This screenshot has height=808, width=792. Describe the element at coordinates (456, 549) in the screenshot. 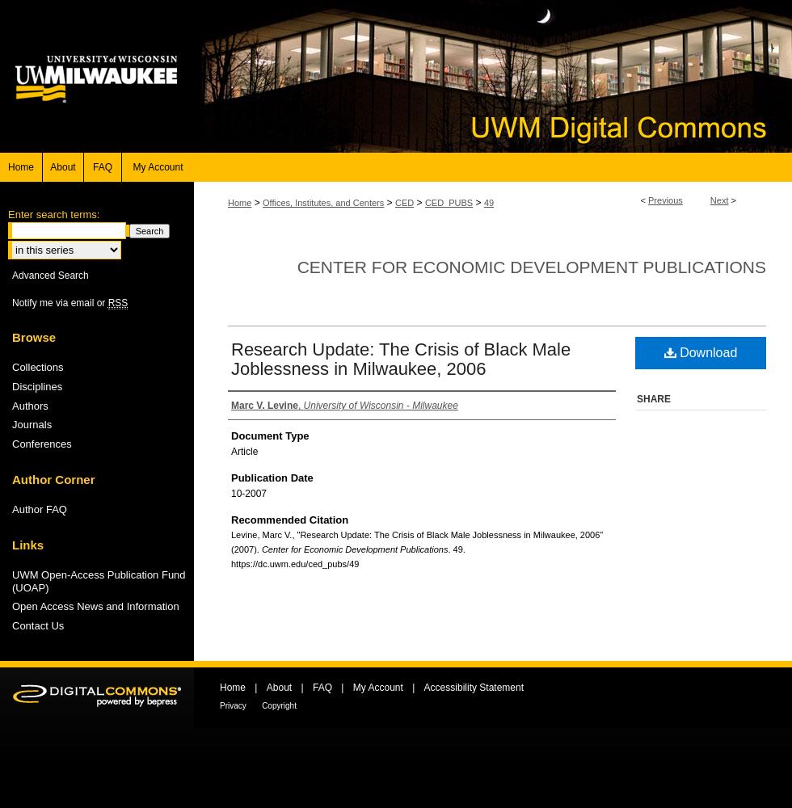

I see `'.  49.'` at that location.